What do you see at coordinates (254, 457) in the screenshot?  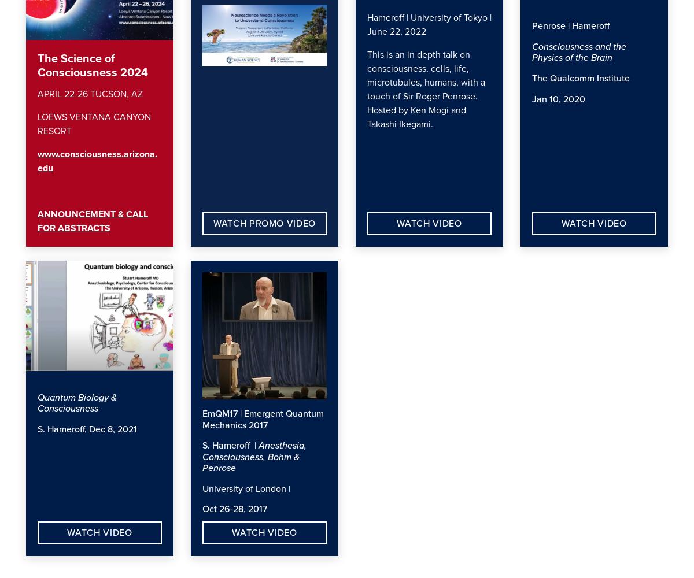 I see `'Anesthesia, Consciousness, Bohm & Penrose'` at bounding box center [254, 457].